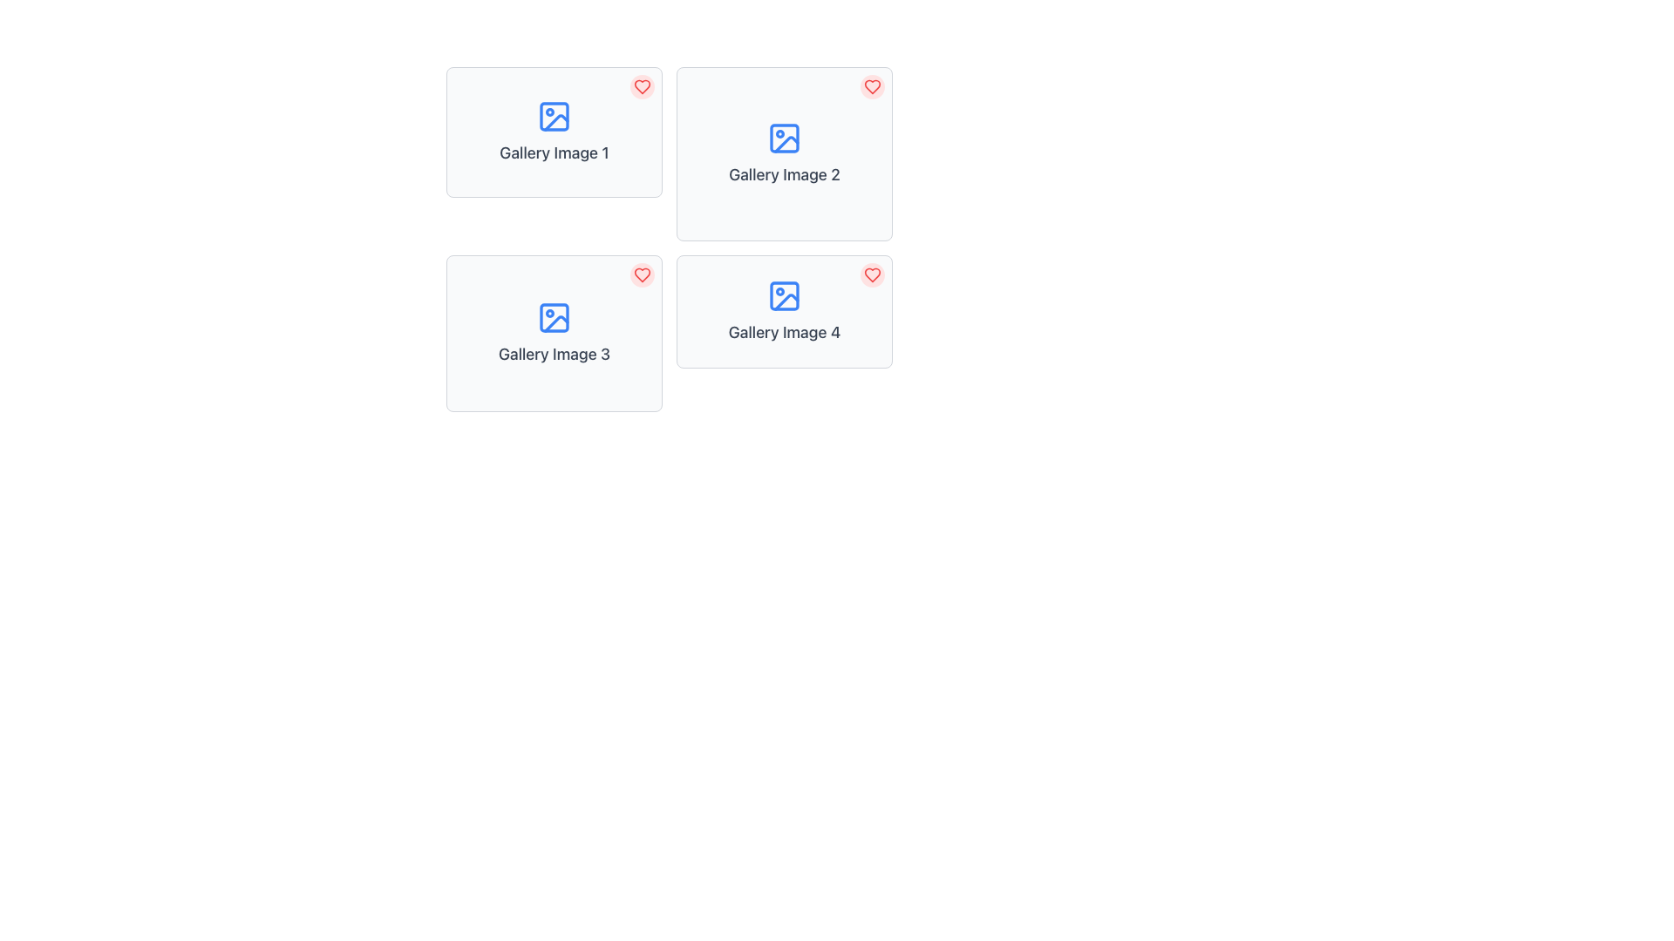  Describe the element at coordinates (784, 174) in the screenshot. I see `the static text label displaying 'Gallery Image 2', which is centered beneath an image icon in the second card of a grid layout` at that location.